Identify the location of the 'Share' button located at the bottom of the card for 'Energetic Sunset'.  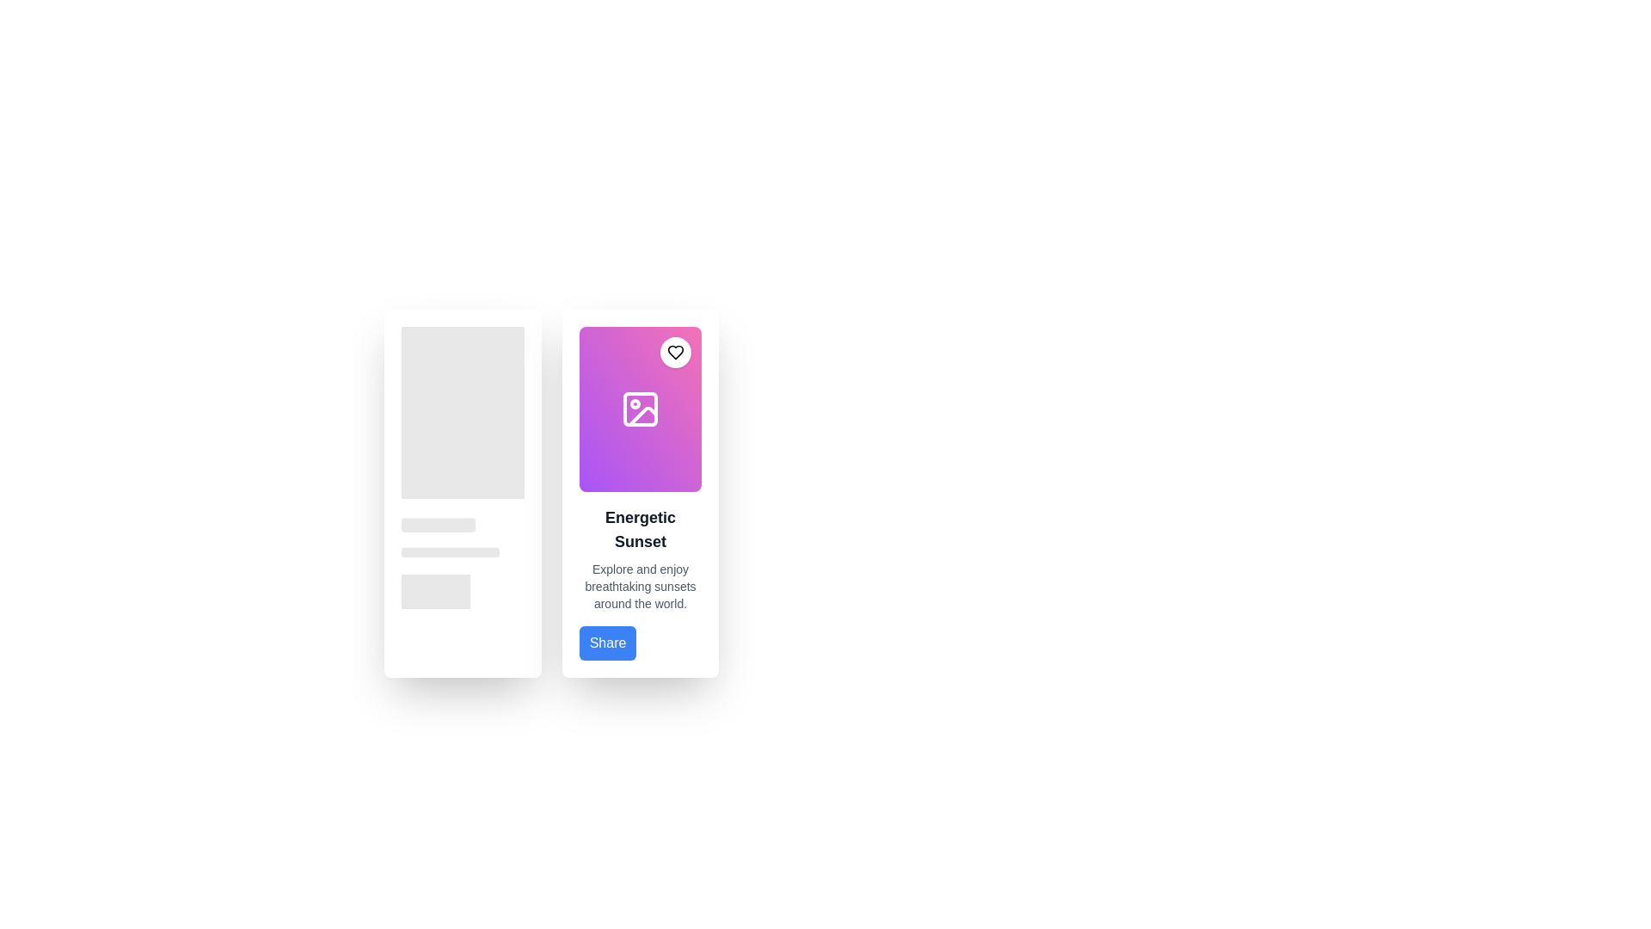
(607, 643).